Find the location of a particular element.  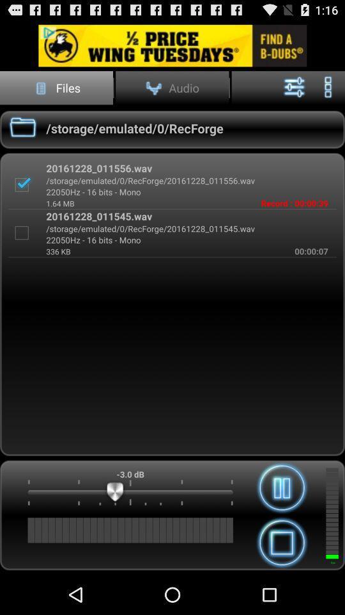

advertisement area is located at coordinates (172, 45).